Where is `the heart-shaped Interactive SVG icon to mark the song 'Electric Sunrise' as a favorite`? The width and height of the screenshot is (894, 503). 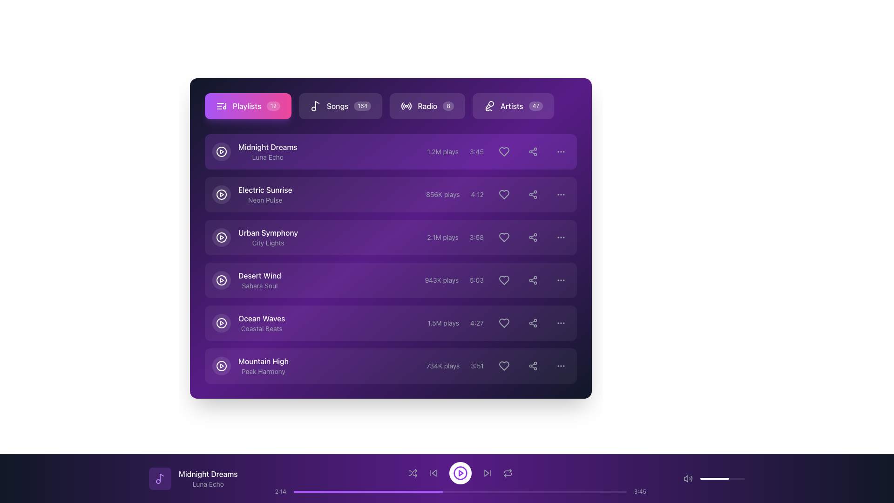 the heart-shaped Interactive SVG icon to mark the song 'Electric Sunrise' as a favorite is located at coordinates (504, 194).